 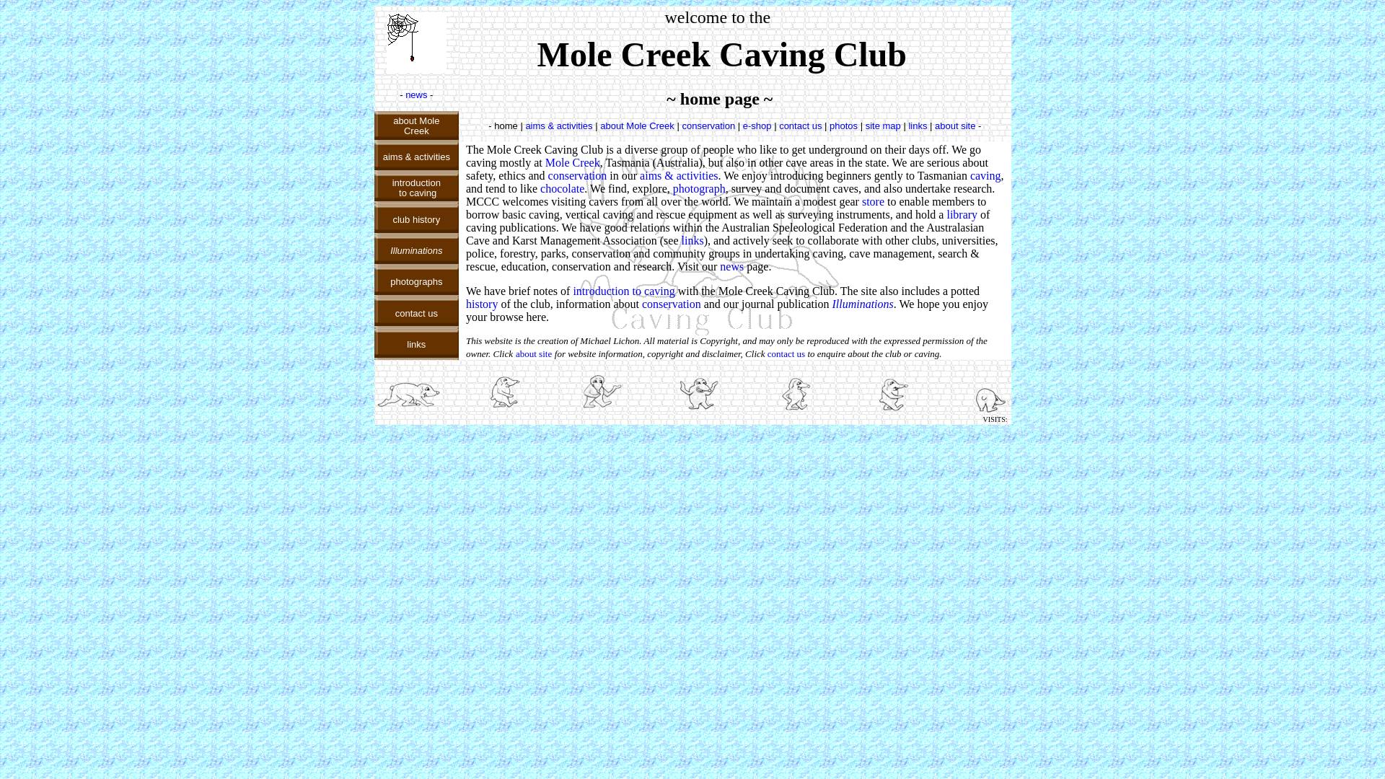 I want to click on 'news', so click(x=415, y=94).